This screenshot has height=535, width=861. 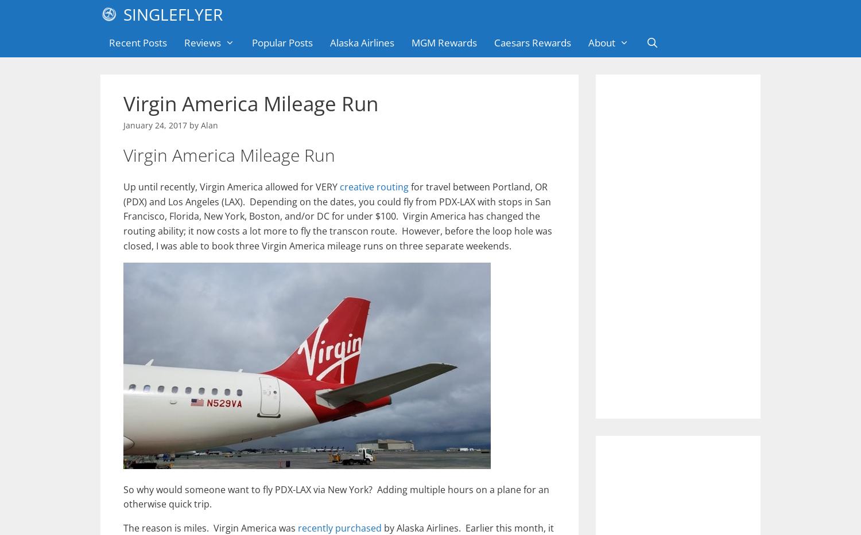 What do you see at coordinates (601, 42) in the screenshot?
I see `'About'` at bounding box center [601, 42].